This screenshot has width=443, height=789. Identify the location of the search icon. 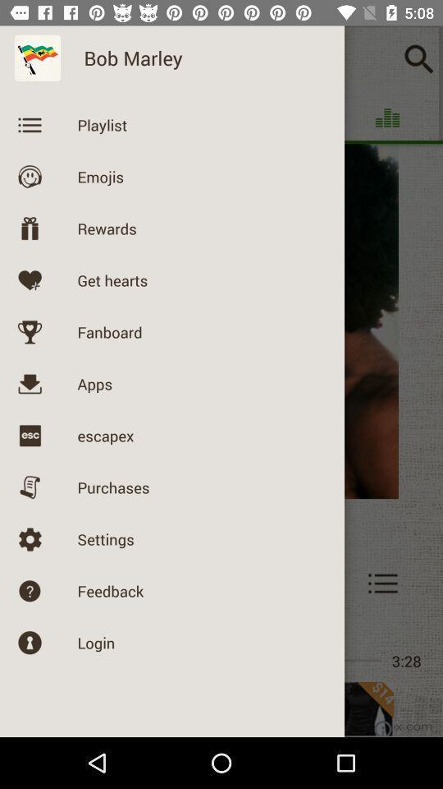
(418, 58).